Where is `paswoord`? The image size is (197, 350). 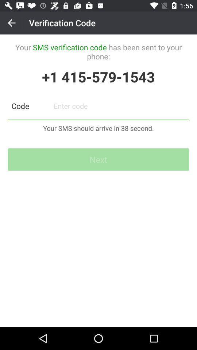
paswoord is located at coordinates (119, 105).